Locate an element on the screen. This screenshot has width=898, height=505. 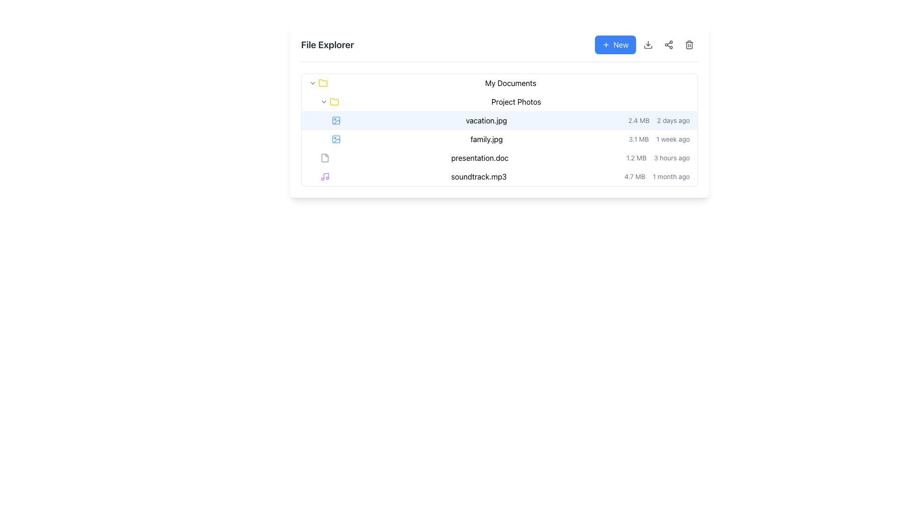
the static text label displaying the file size of 'vacation.jpg', located between the filename and the timestamp is located at coordinates (638, 120).